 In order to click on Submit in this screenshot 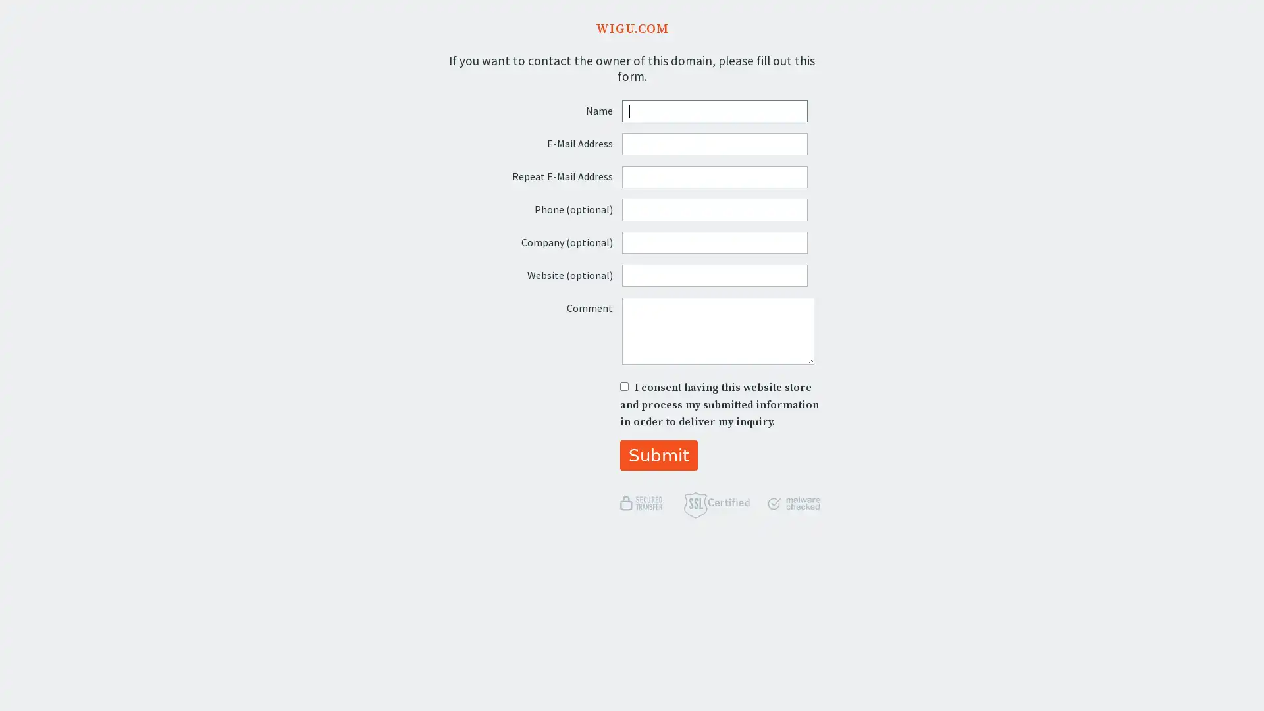, I will do `click(658, 454)`.